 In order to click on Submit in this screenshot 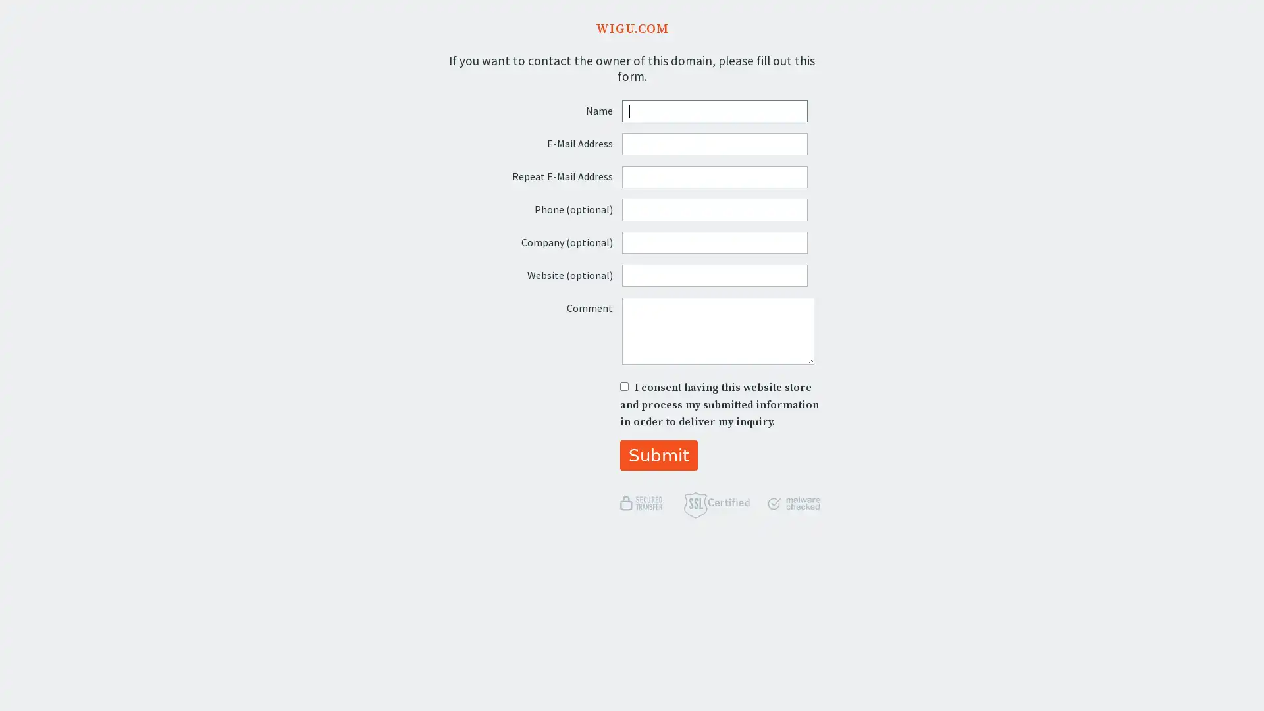, I will do `click(658, 454)`.